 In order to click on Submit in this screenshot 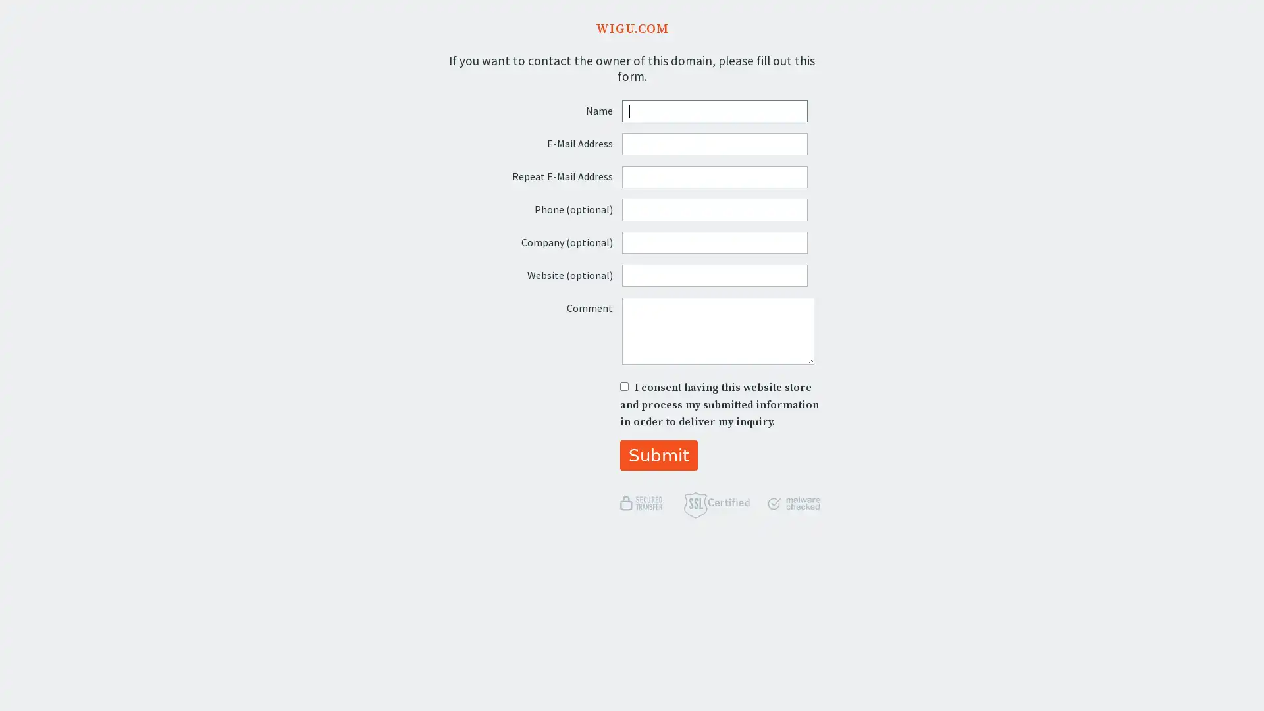, I will do `click(658, 454)`.